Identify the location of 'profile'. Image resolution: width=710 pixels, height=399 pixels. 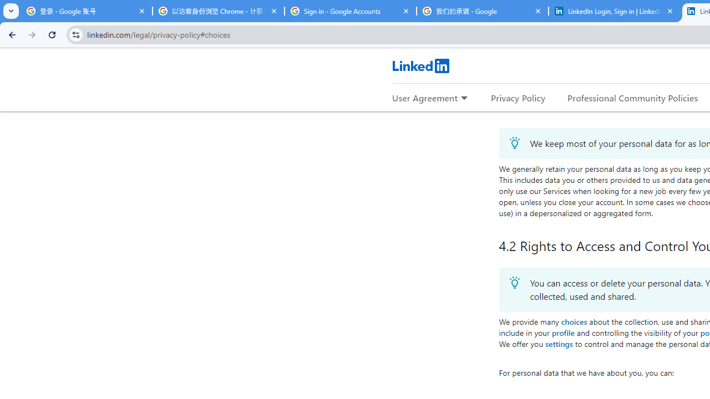
(563, 331).